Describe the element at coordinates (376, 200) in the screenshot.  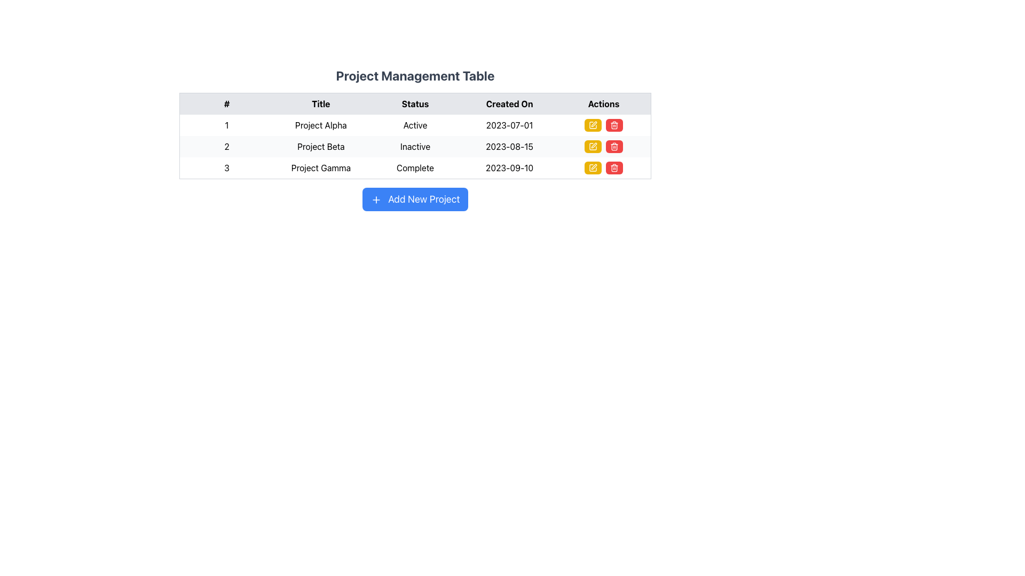
I see `the icon on the left portion of the 'Add New Project' button, which is visually distinct due to its solid blue color and rounded edges` at that location.